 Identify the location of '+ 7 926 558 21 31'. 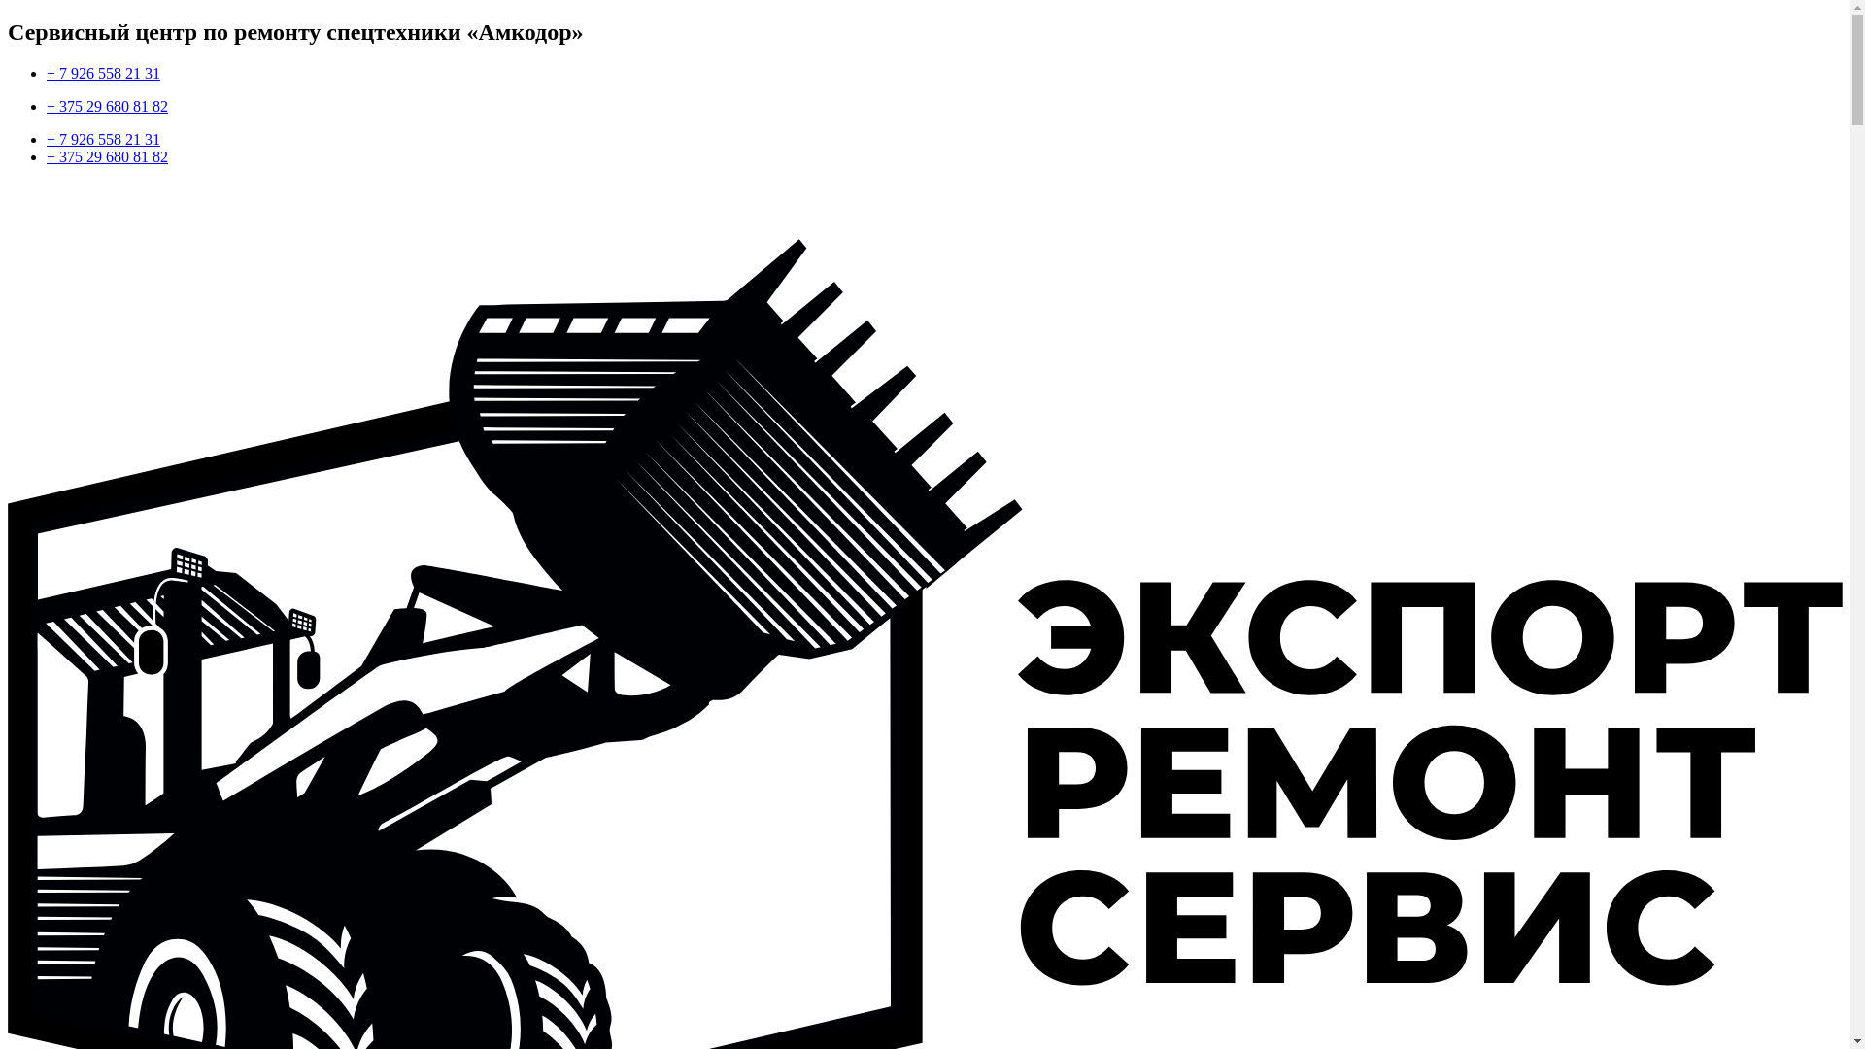
(102, 72).